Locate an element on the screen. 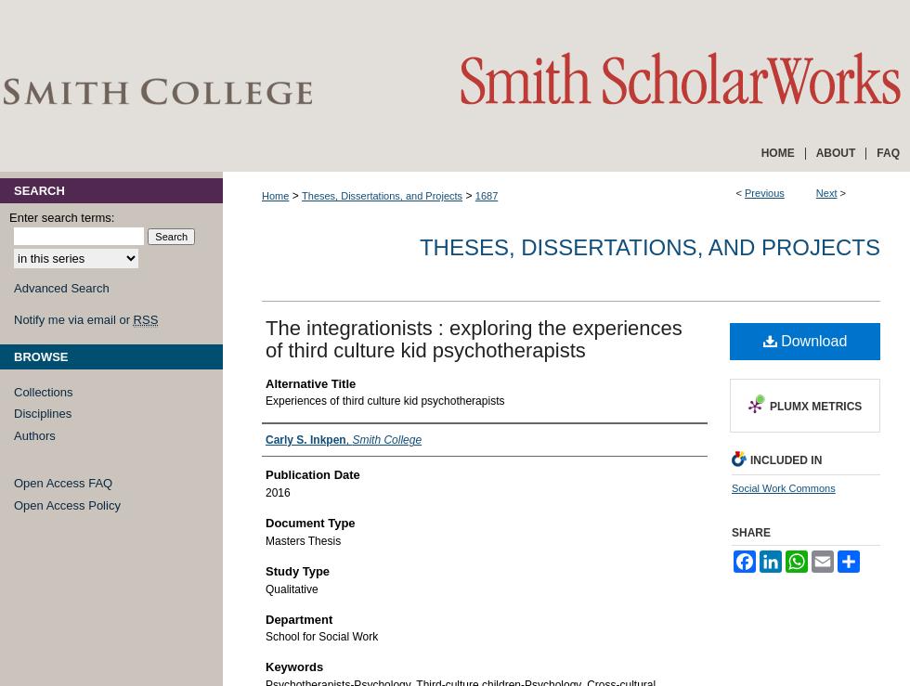 The image size is (910, 686). 'Alternative Title' is located at coordinates (310, 382).